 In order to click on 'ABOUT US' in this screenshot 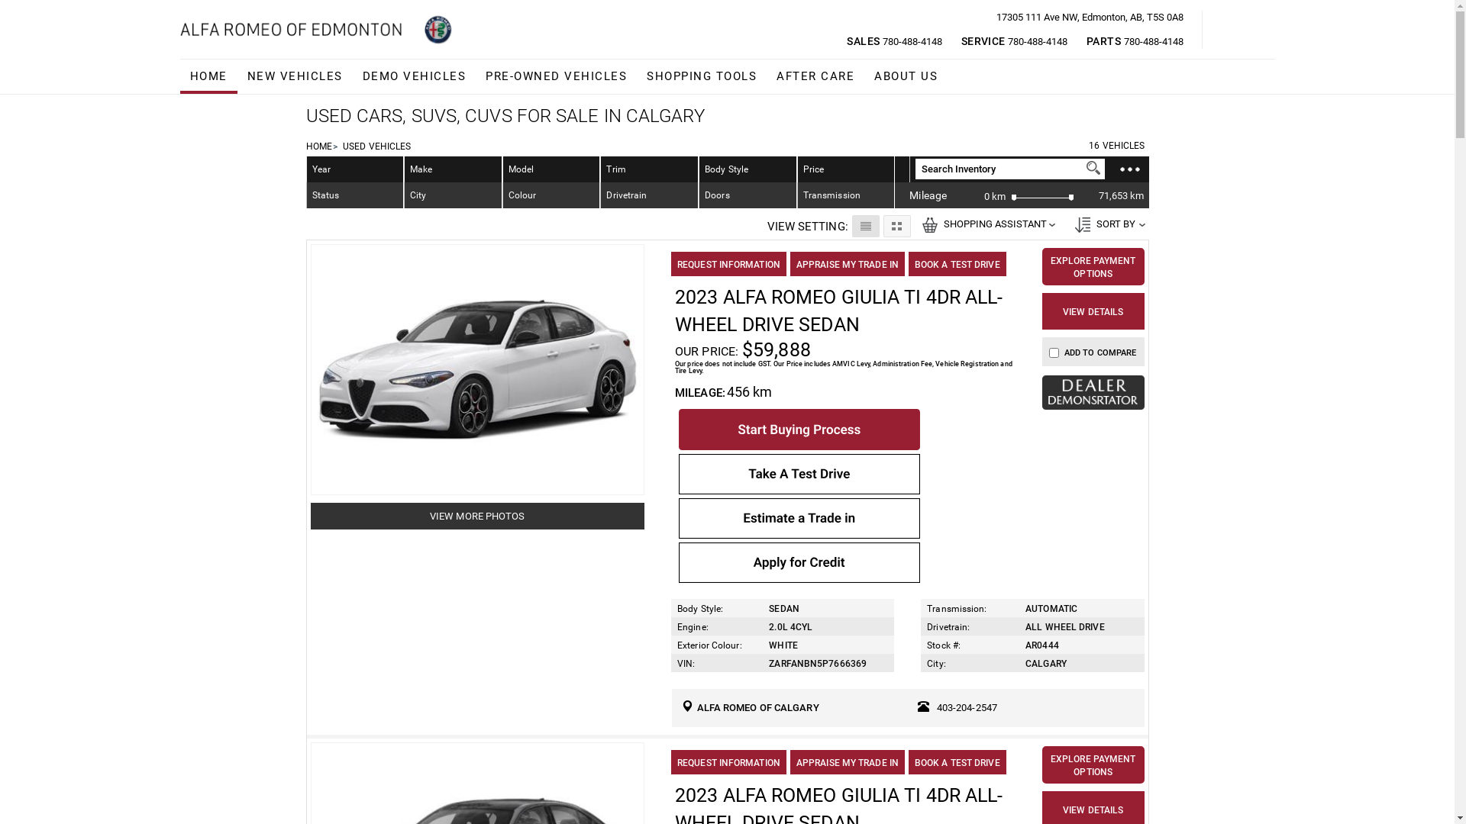, I will do `click(906, 76)`.